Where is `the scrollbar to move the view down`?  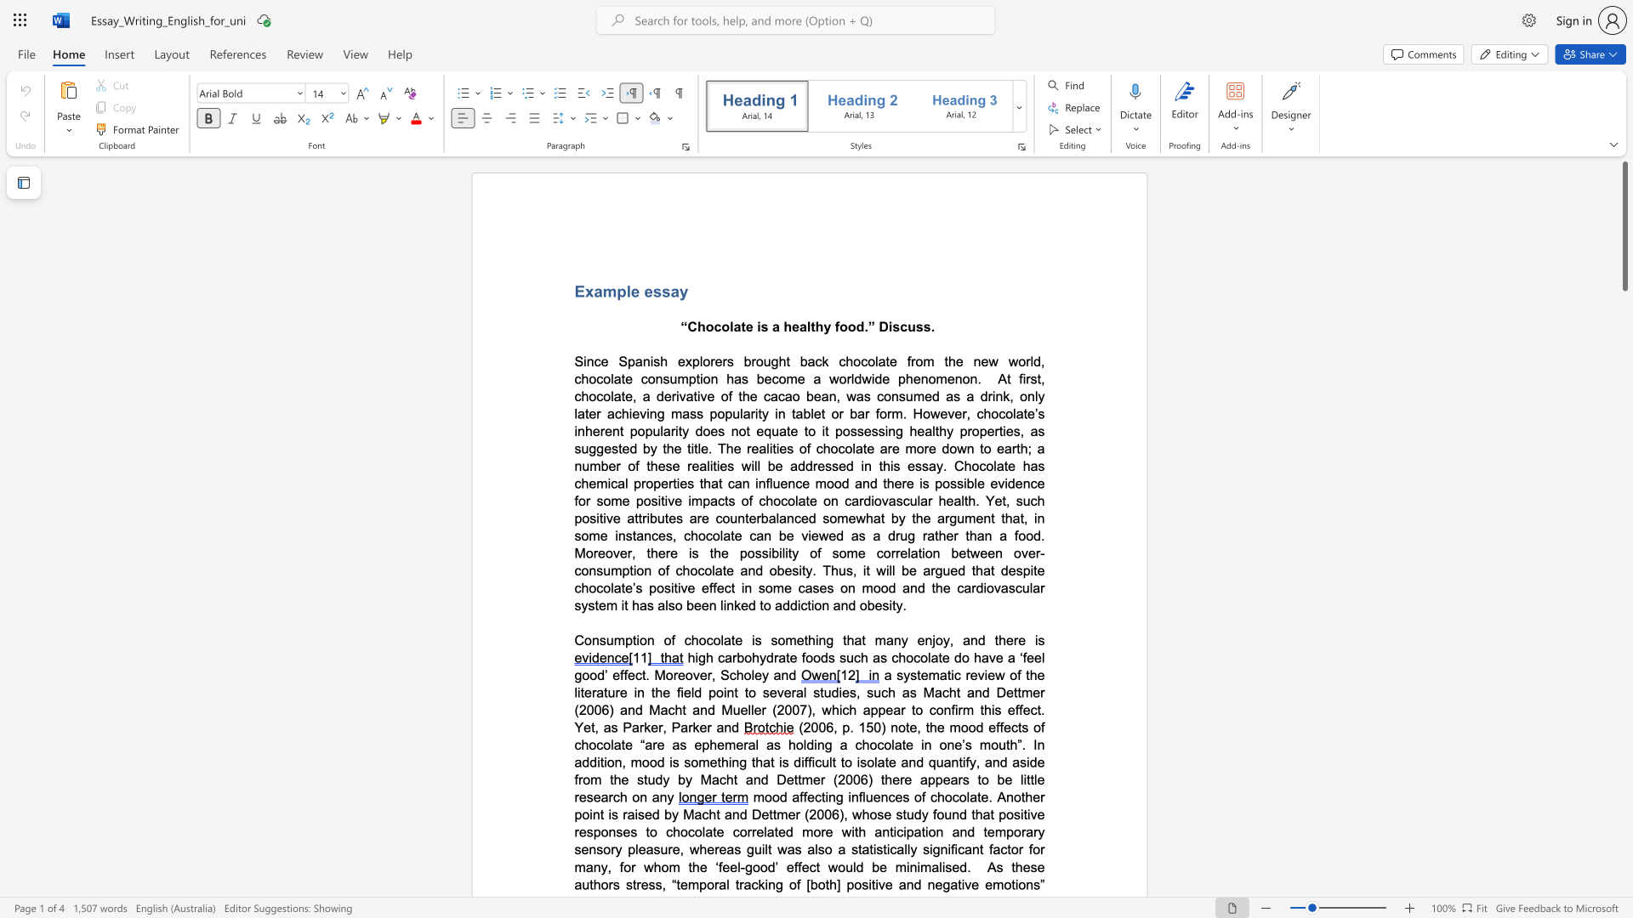
the scrollbar to move the view down is located at coordinates (1624, 849).